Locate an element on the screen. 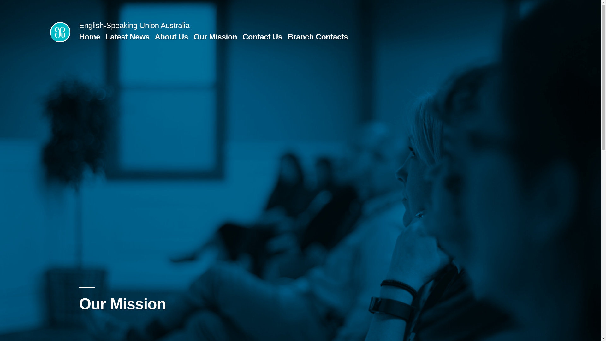  'About Us' is located at coordinates (171, 37).